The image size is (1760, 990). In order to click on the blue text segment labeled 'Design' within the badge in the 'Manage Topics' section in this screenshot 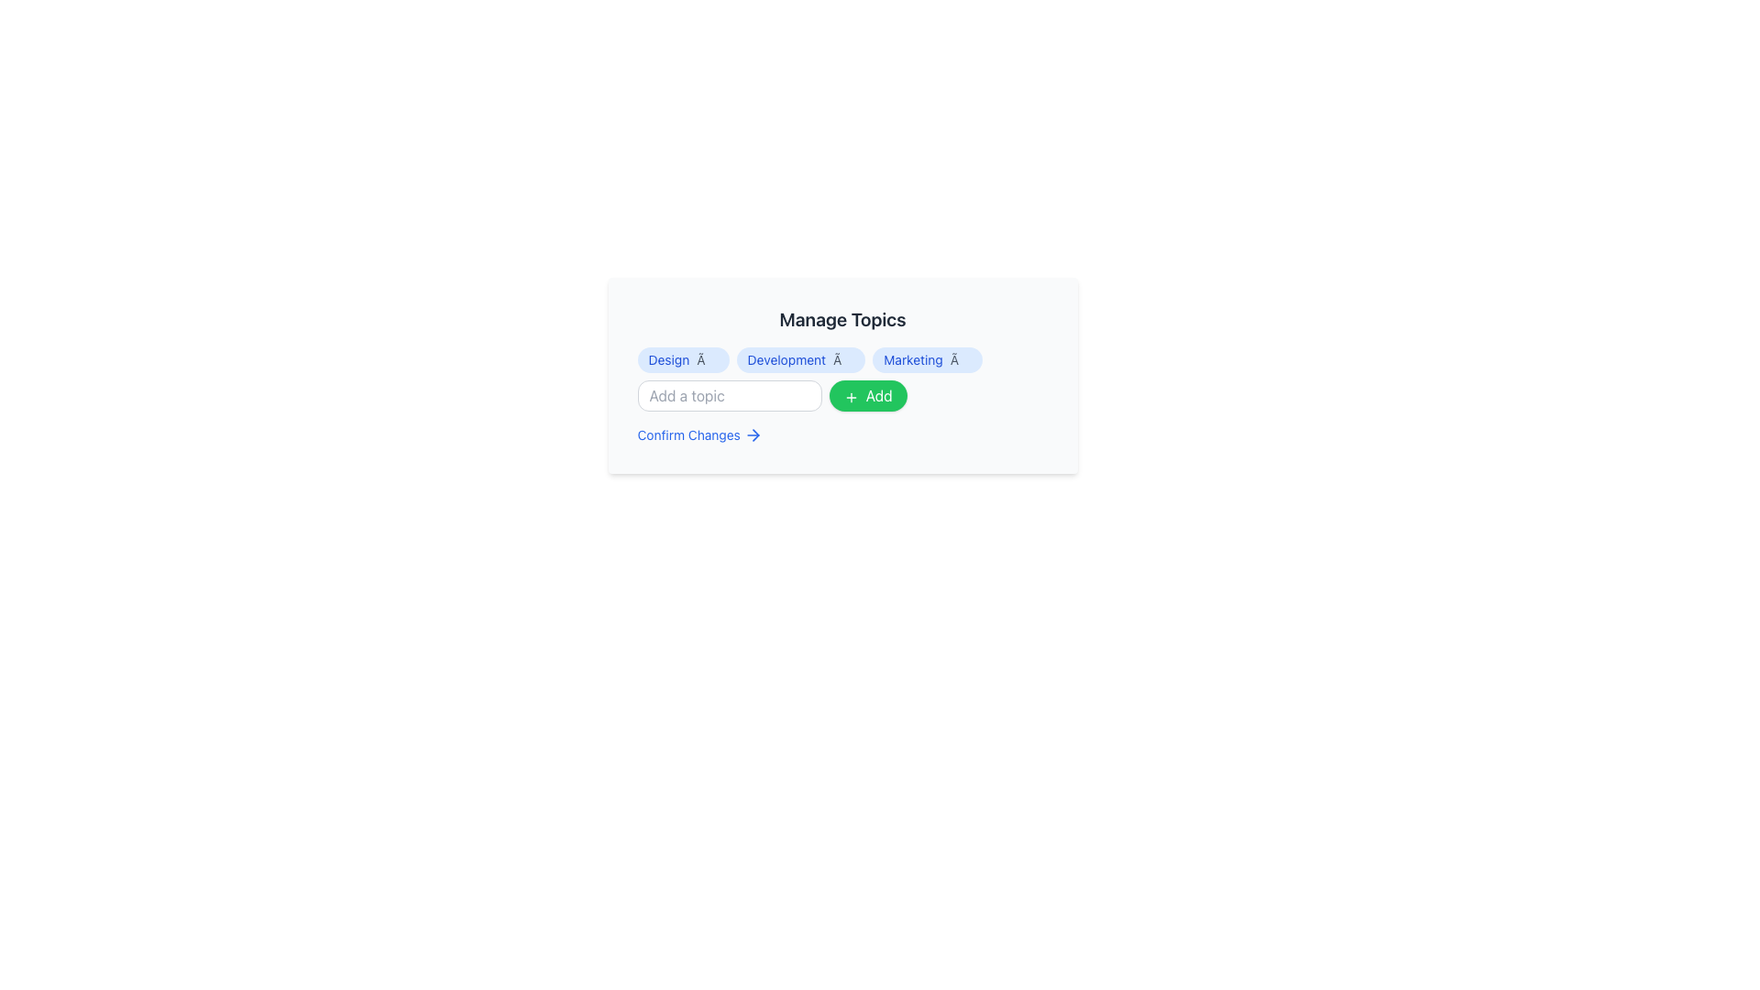, I will do `click(667, 360)`.